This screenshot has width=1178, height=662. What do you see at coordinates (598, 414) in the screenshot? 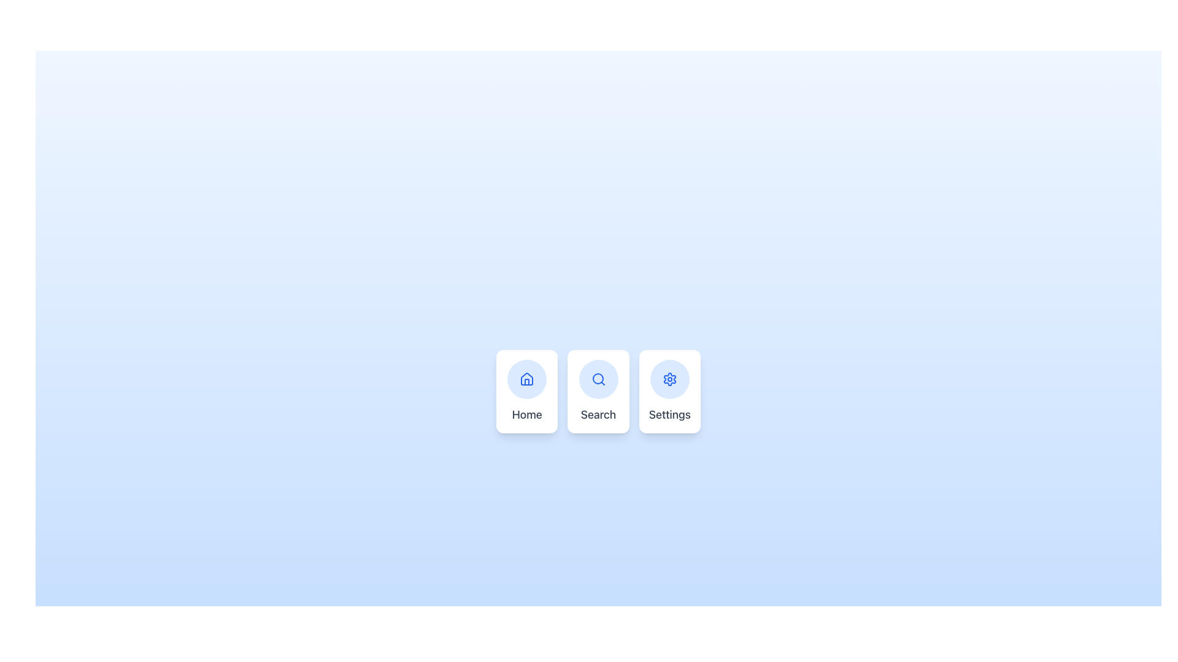
I see `the static text label displaying 'Search' located at the bottom center of a rectangular card with a blue circular magnifying glass icon above it` at bounding box center [598, 414].